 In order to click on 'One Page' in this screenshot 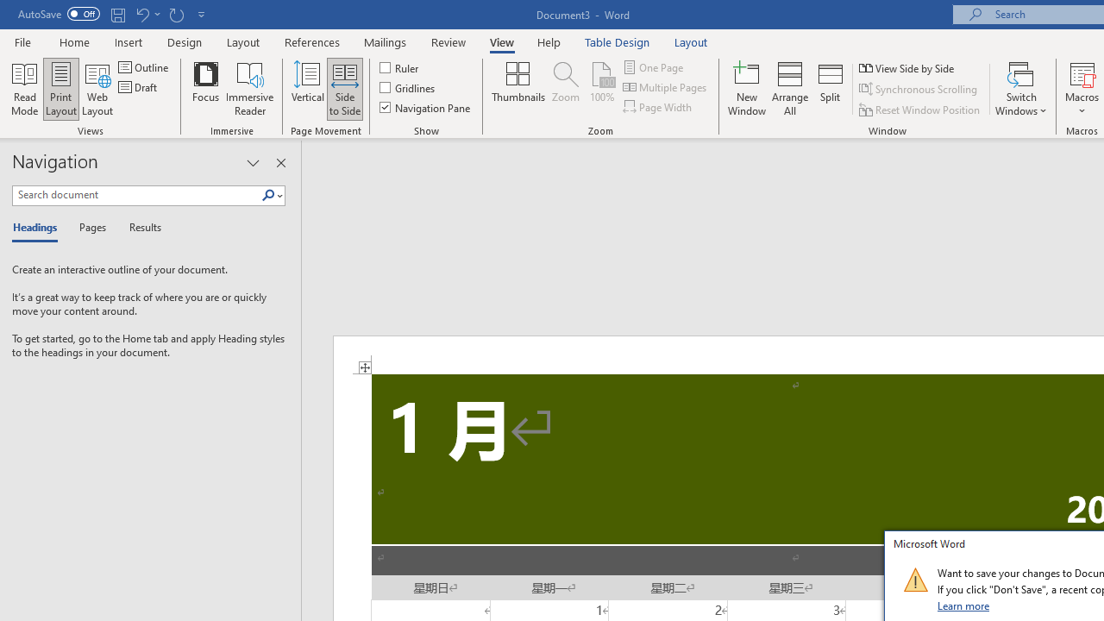, I will do `click(654, 66)`.